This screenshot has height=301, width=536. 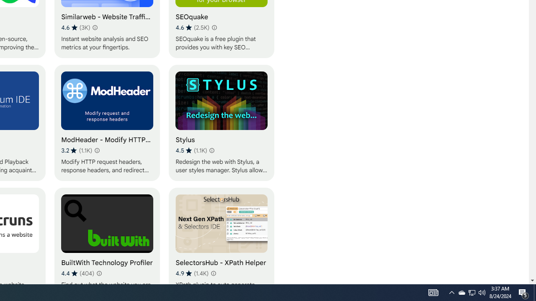 What do you see at coordinates (76, 27) in the screenshot?
I see `'Average rating 4.6 out of 5 stars. 3K ratings.'` at bounding box center [76, 27].